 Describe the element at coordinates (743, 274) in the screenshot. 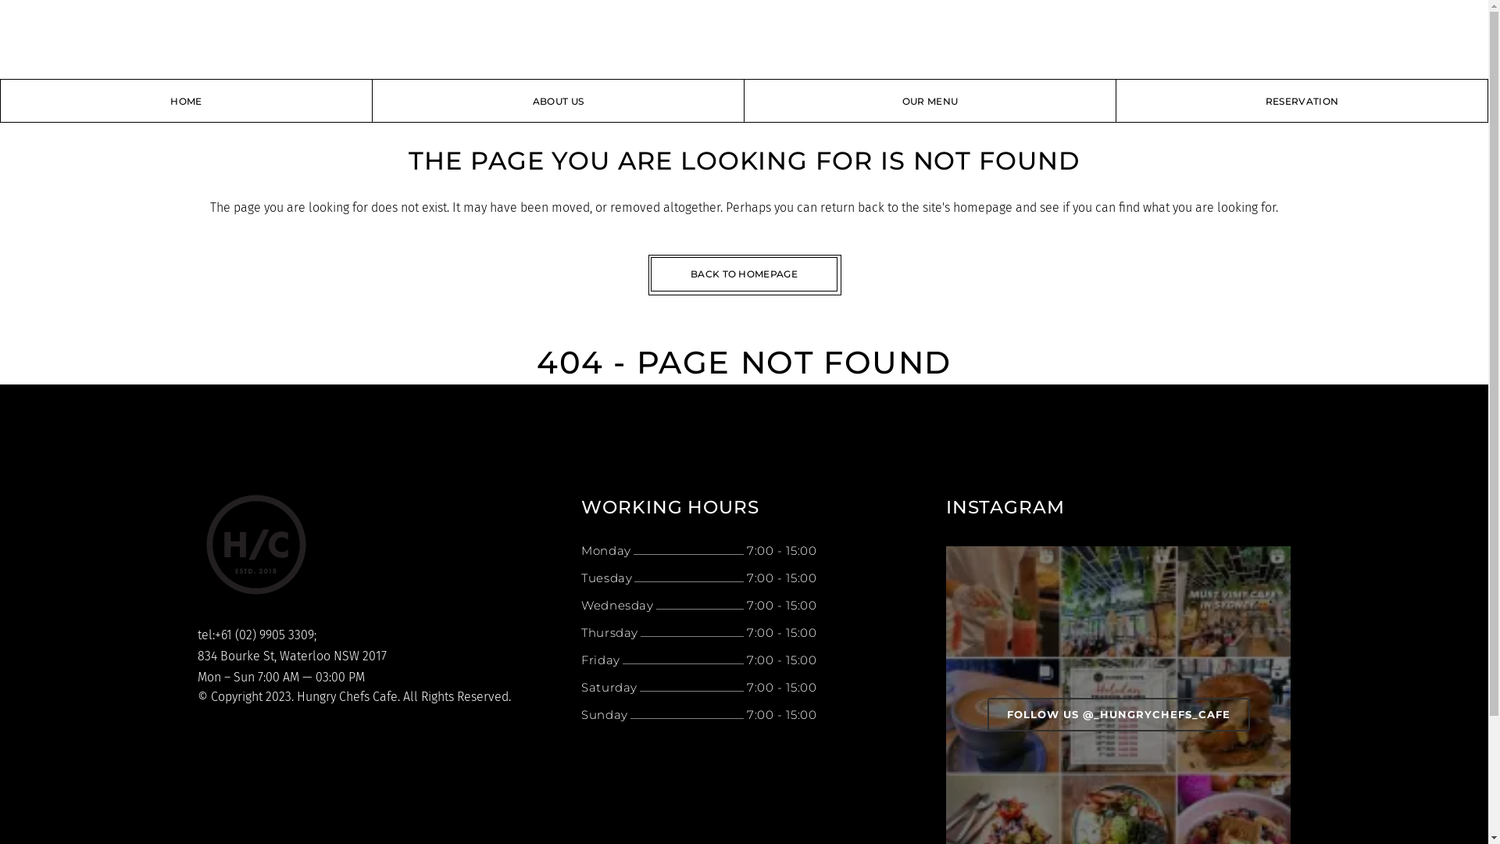

I see `'BACK TO HOMEPAGE'` at that location.